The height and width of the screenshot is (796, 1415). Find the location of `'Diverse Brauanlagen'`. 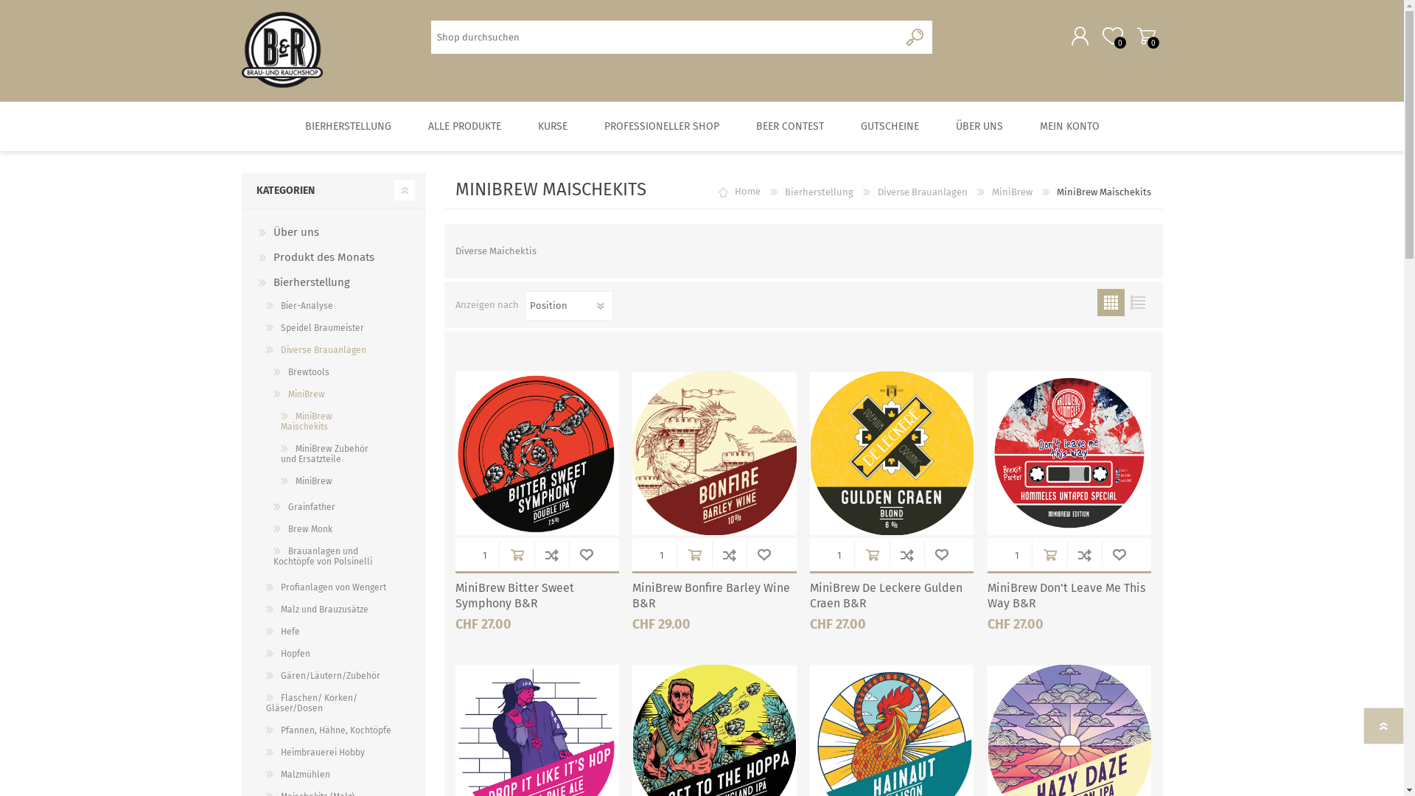

'Diverse Brauanlagen' is located at coordinates (922, 191).